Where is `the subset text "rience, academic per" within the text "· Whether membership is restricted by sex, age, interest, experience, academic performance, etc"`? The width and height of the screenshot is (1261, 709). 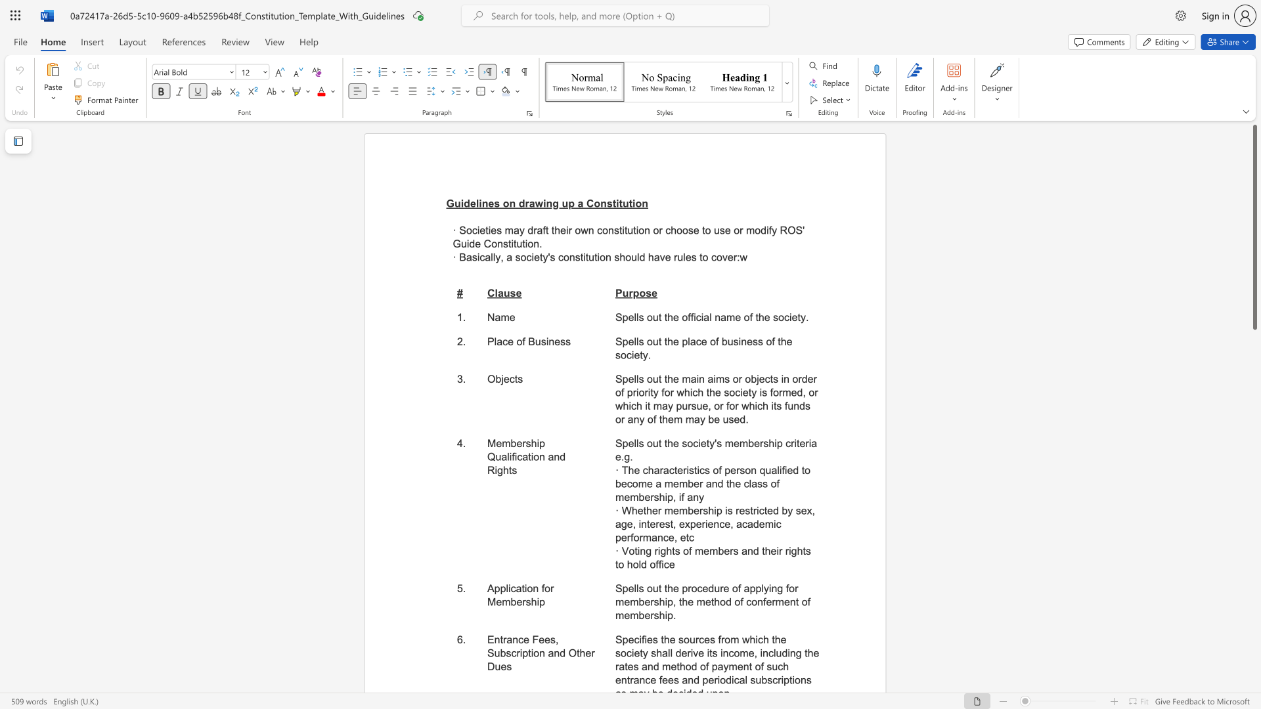
the subset text "rience, academic per" within the text "· Whether membership is restricted by sex, age, interest, experience, academic performance, etc" is located at coordinates (701, 523).